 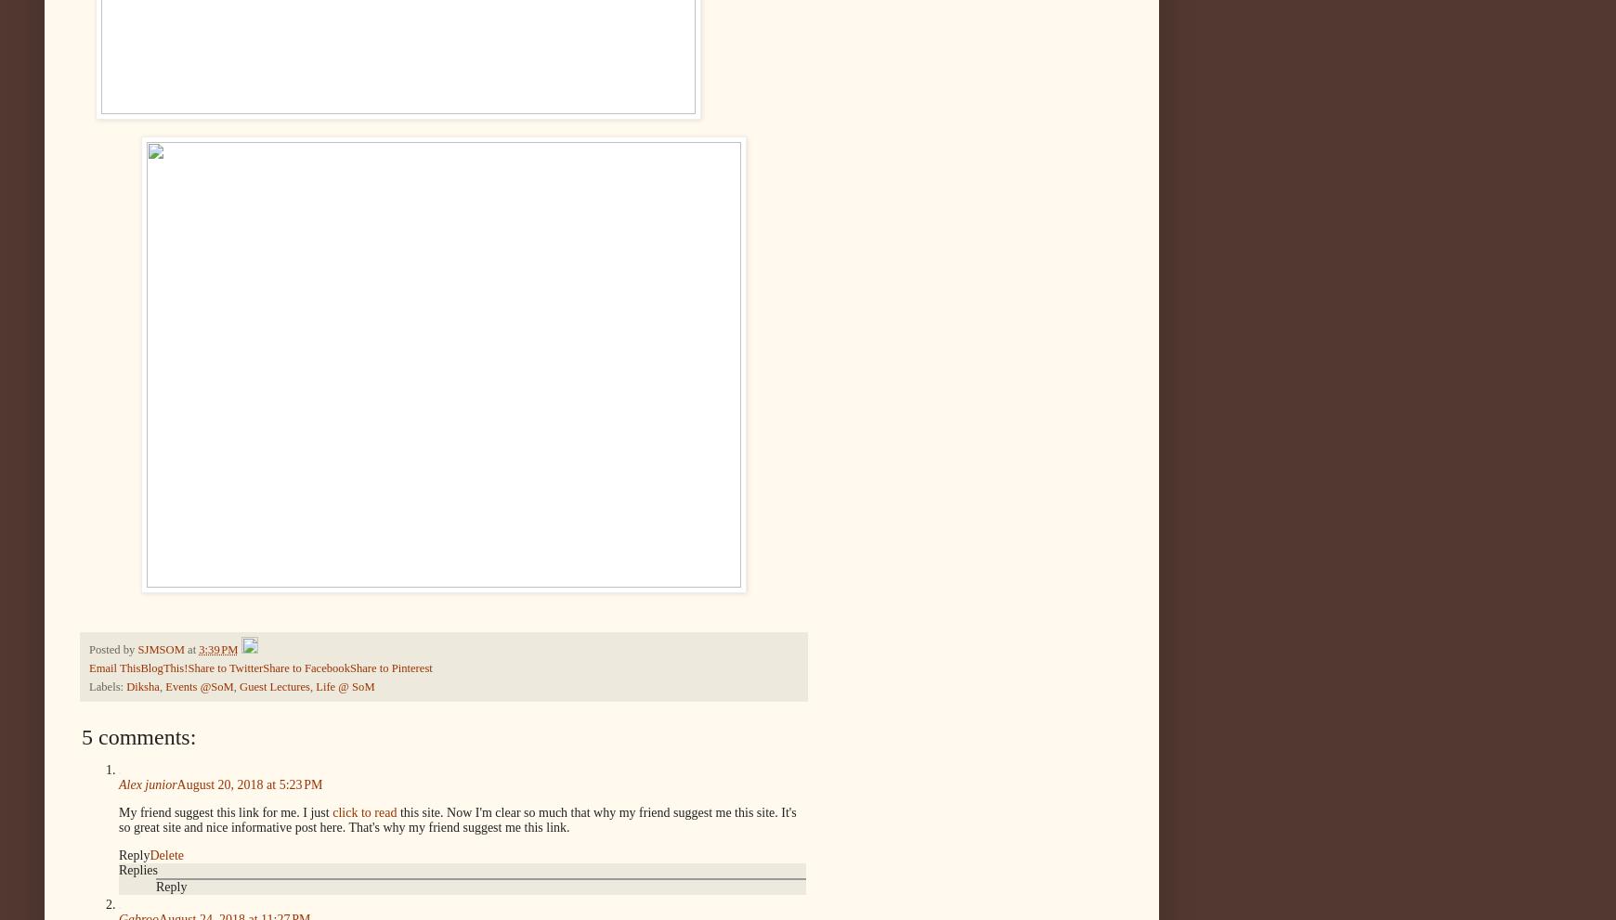 What do you see at coordinates (81, 735) in the screenshot?
I see `'5 comments:'` at bounding box center [81, 735].